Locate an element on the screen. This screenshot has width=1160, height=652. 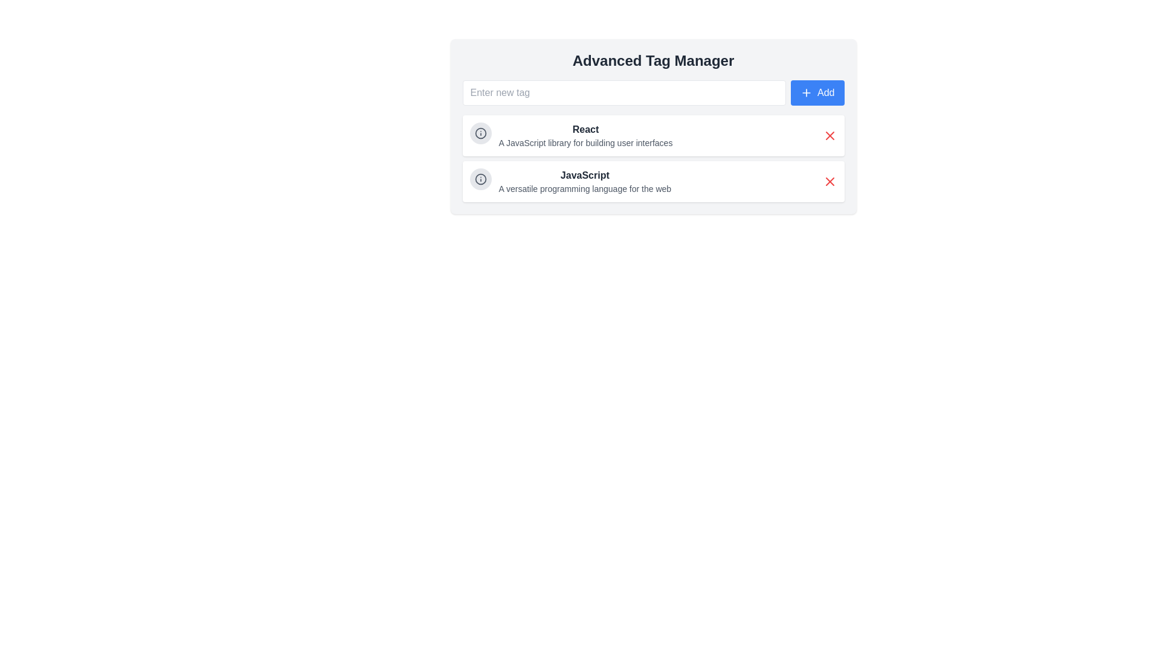
the Text Display element containing the title 'React' and the subtitle 'A JavaScript library for building user interfaces', which is the first item in a vertical list is located at coordinates (585, 135).